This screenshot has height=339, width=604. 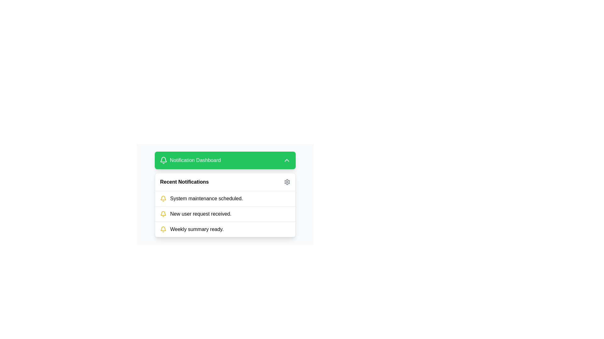 I want to click on message displayed in the text component that shows 'System maintenance scheduled.' located as the first notification entry in the notification list, to the right of the bell icon, so click(x=206, y=198).